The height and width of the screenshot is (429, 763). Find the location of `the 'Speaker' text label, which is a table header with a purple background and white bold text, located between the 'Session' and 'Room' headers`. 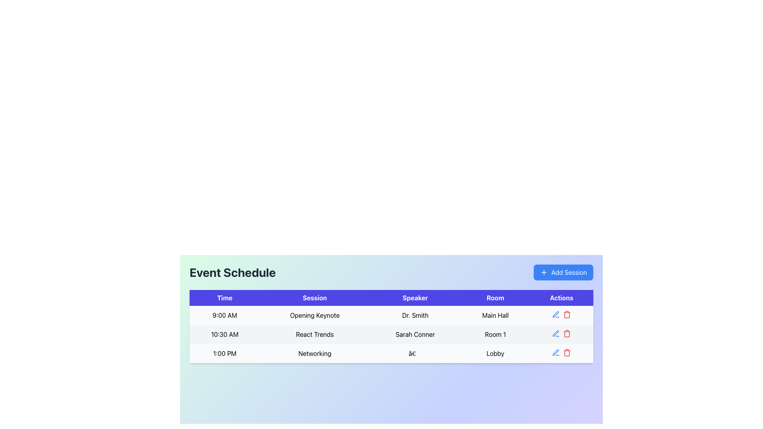

the 'Speaker' text label, which is a table header with a purple background and white bold text, located between the 'Session' and 'Room' headers is located at coordinates (415, 298).